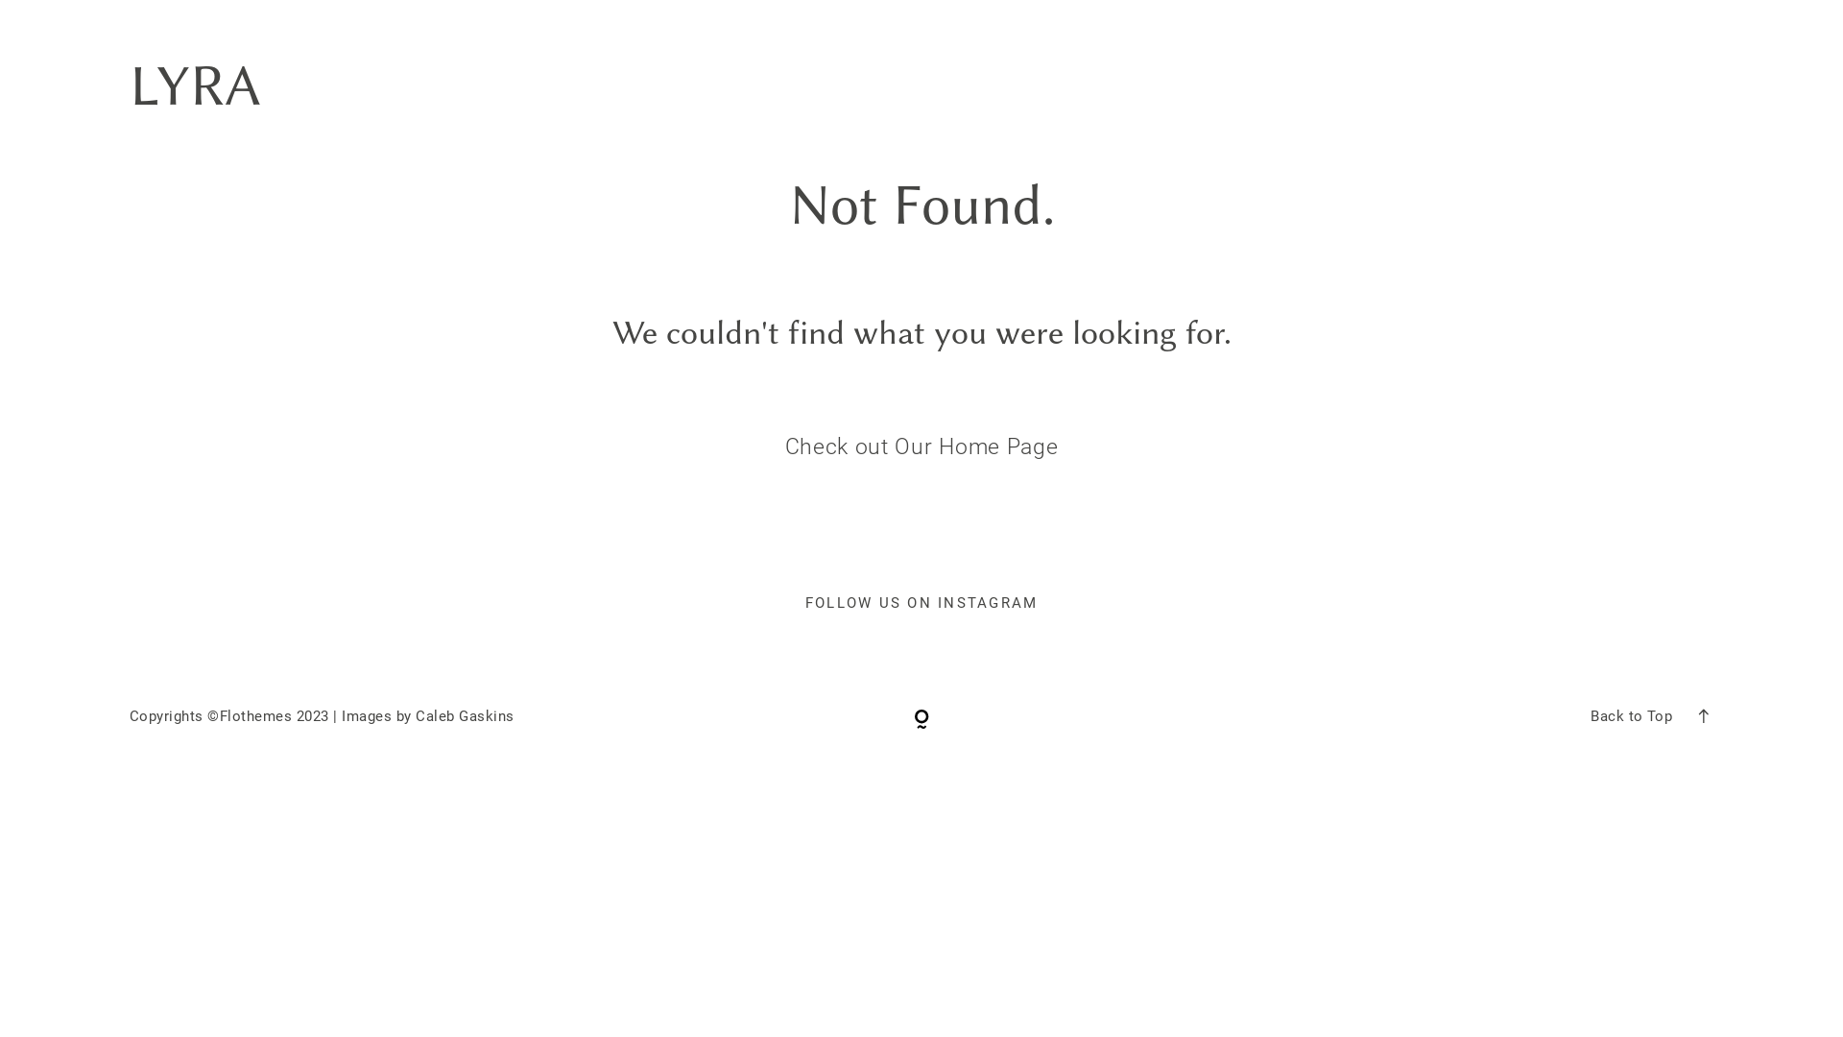  I want to click on 'Sorry, your browser does not support inline SVG.', so click(921, 715).